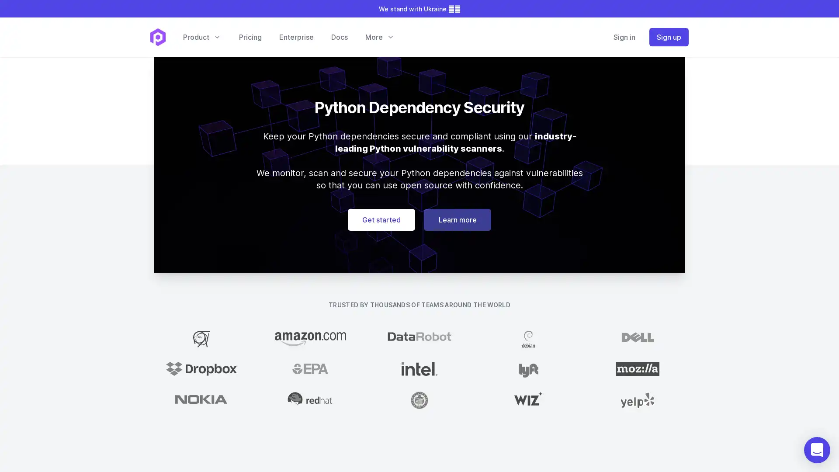 The height and width of the screenshot is (472, 839). I want to click on More, so click(379, 36).